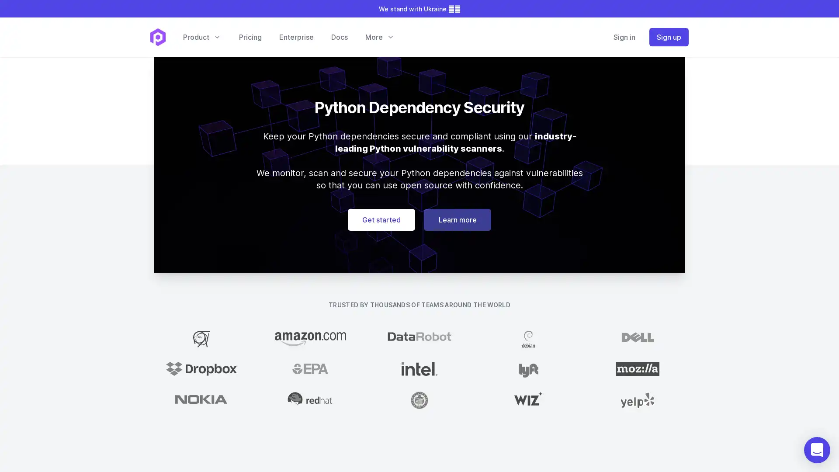 The height and width of the screenshot is (472, 839). I want to click on More, so click(379, 36).